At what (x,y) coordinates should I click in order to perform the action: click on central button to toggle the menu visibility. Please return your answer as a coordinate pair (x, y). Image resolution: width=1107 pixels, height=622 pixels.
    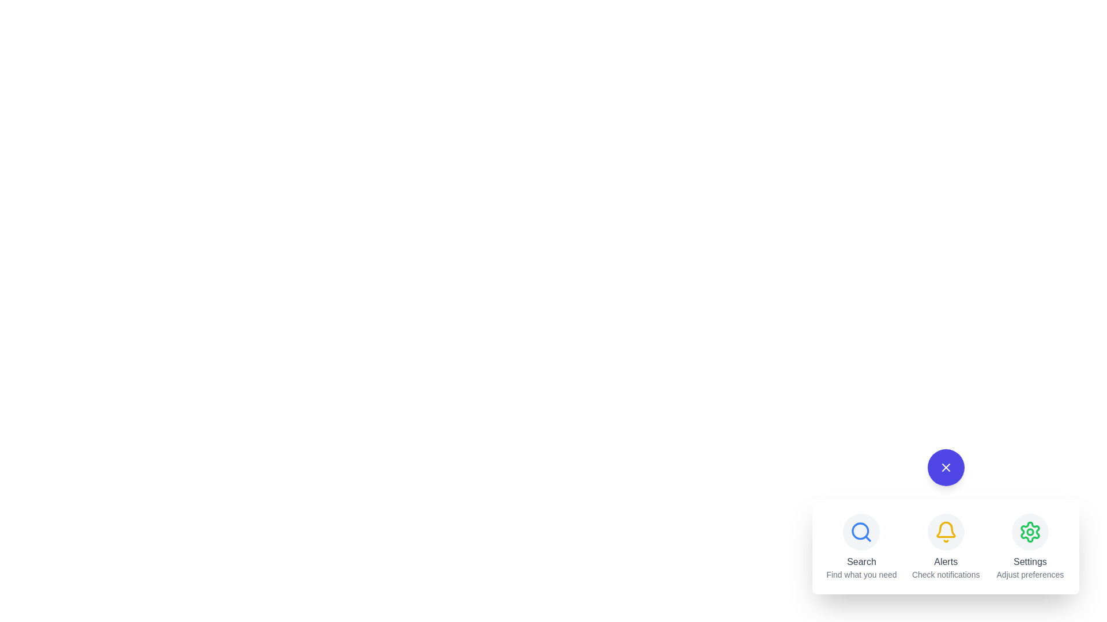
    Looking at the image, I should click on (946, 468).